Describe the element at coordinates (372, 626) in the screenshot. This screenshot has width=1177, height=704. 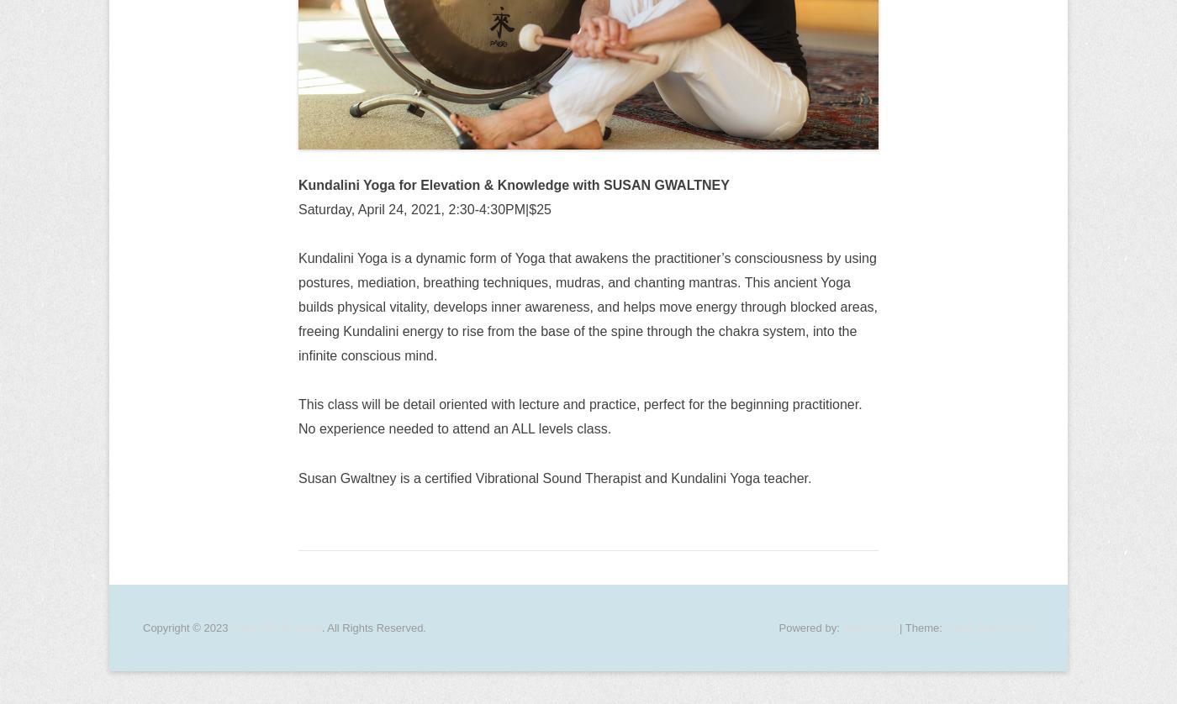
I see `'. All Rights Reserved.'` at that location.